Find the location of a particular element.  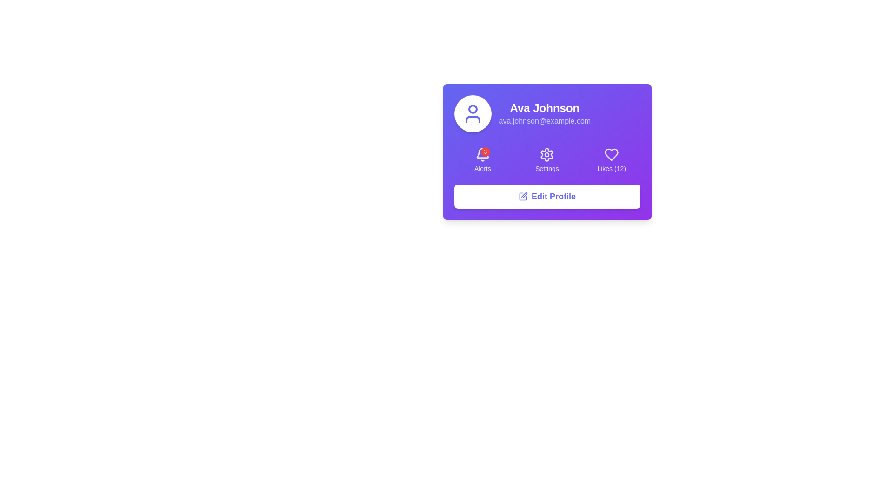

the email display text label positioned below the name 'Ava Johnson' within the upper section of the card is located at coordinates (545, 121).